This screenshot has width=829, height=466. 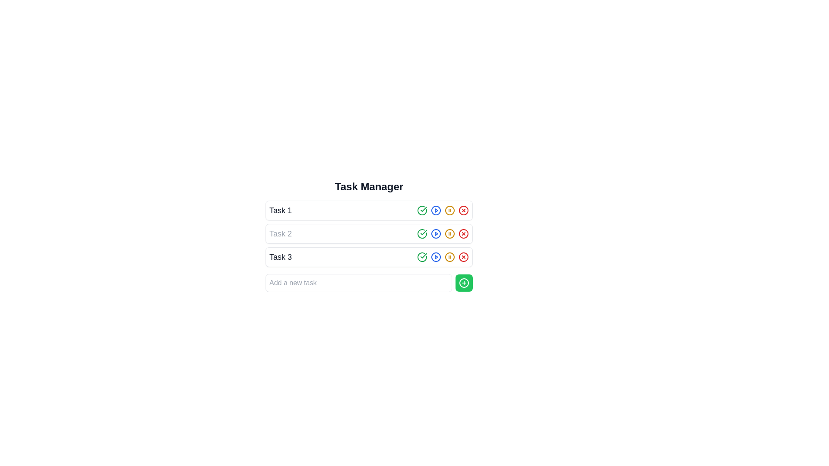 I want to click on the button that initiates or continues the action for 'Task 2', which is the second element from the left in the row of icons, so click(x=436, y=234).